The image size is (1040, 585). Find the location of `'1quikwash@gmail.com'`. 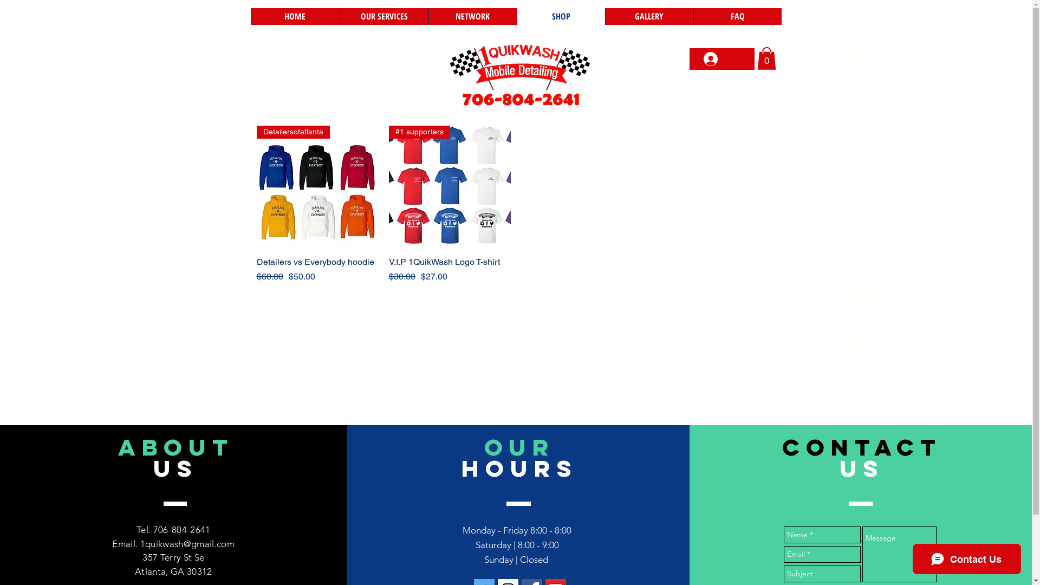

'1quikwash@gmail.com' is located at coordinates (187, 543).